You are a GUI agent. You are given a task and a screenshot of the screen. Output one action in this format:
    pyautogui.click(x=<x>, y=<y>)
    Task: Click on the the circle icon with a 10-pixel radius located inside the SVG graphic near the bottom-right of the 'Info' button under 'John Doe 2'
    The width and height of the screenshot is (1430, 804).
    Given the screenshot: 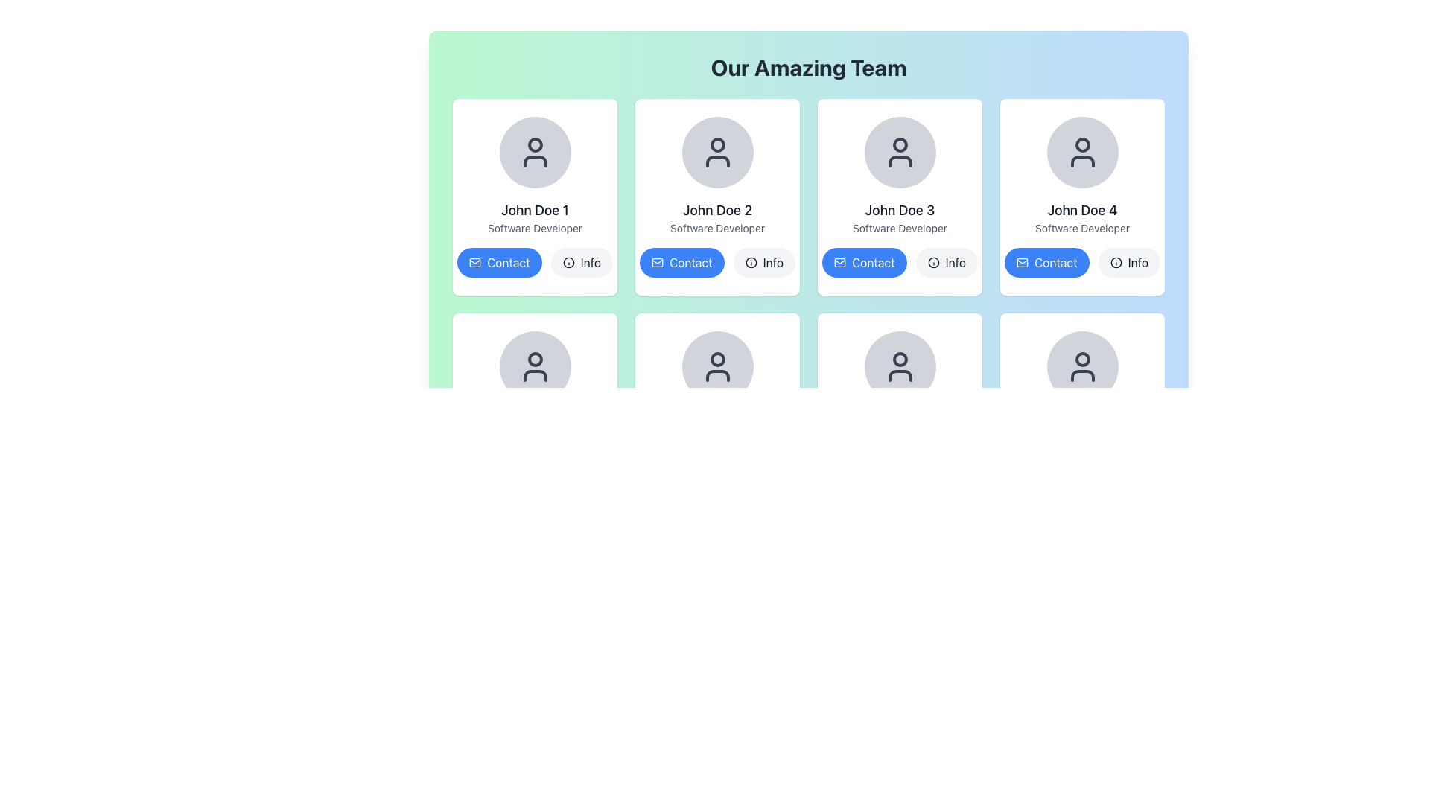 What is the action you would take?
    pyautogui.click(x=751, y=262)
    